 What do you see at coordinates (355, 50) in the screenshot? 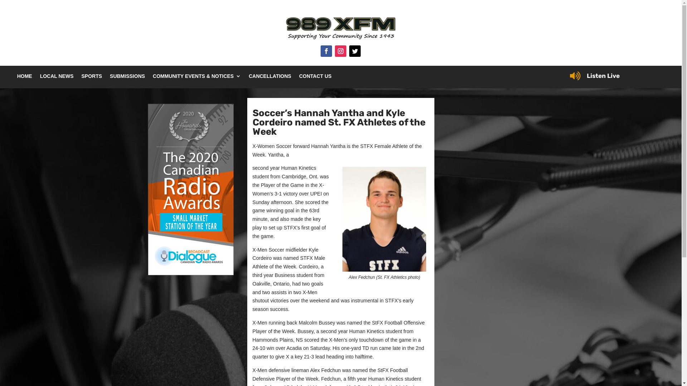
I see `'Follow on Twitter'` at bounding box center [355, 50].